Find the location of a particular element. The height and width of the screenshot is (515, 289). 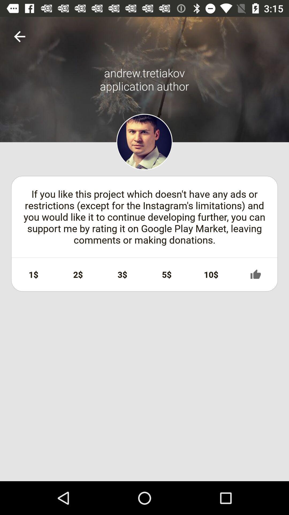

profile photo is located at coordinates (144, 142).